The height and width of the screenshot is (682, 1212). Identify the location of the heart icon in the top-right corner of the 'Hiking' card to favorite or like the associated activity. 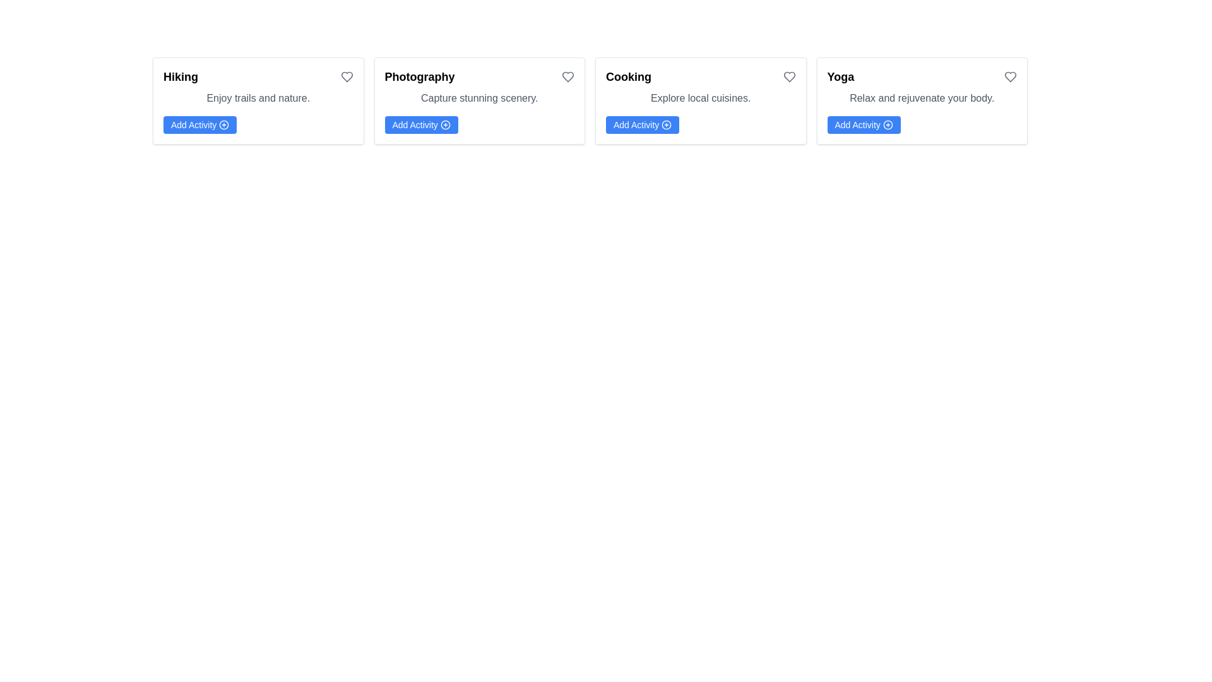
(347, 77).